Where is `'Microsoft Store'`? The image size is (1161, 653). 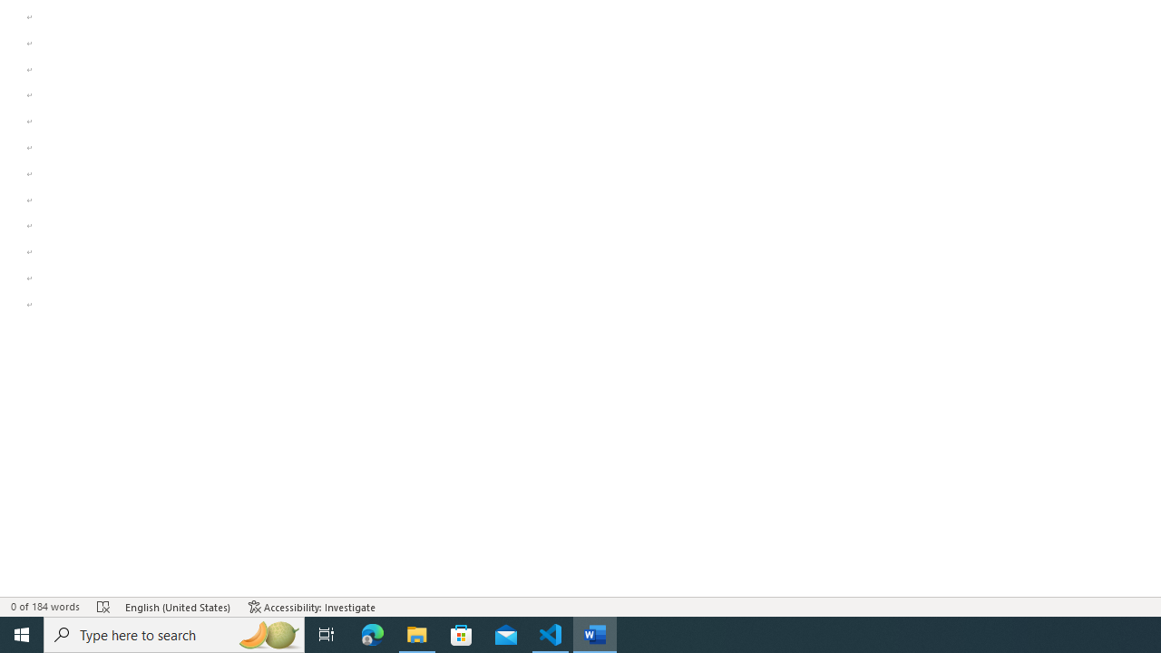
'Microsoft Store' is located at coordinates (462, 633).